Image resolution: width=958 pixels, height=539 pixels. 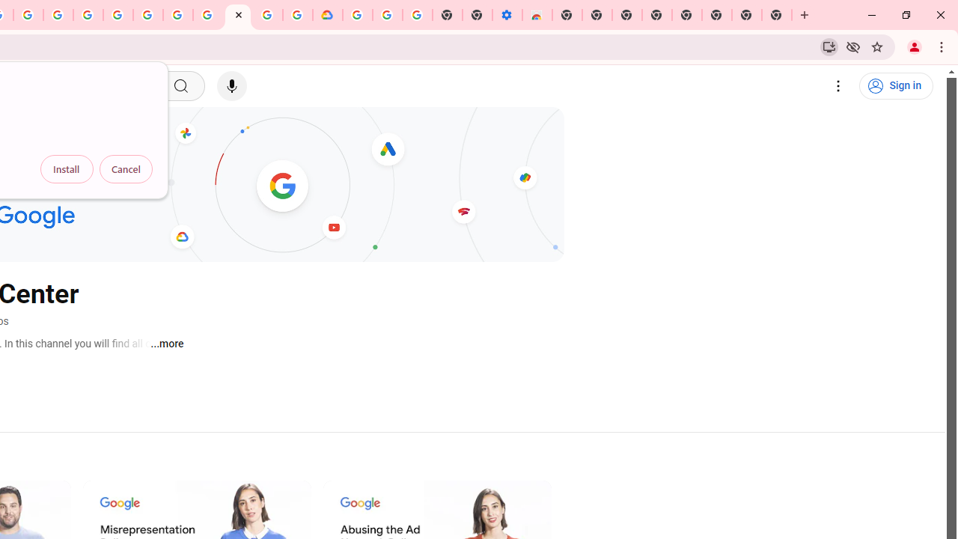 I want to click on 'Google Account Help', so click(x=178, y=15).